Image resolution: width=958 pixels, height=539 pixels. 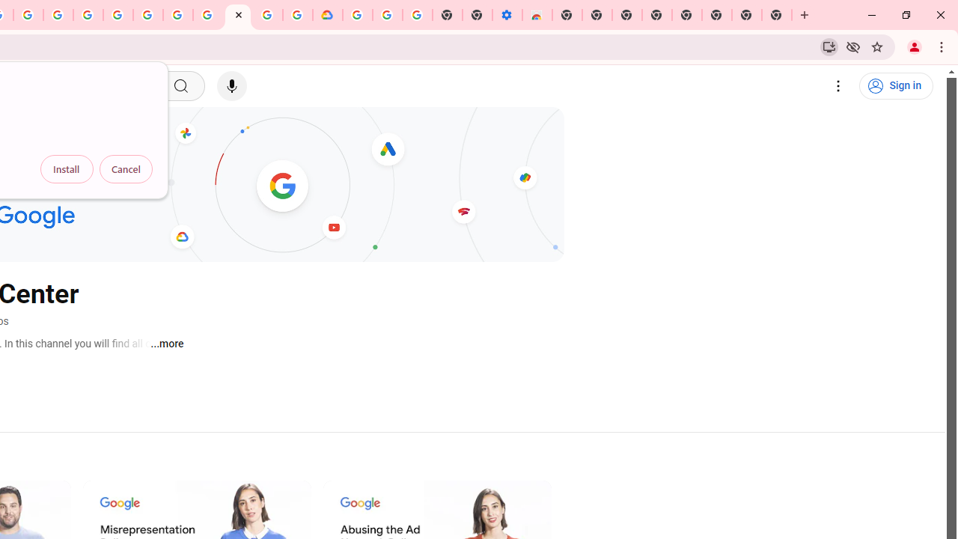 I want to click on 'Google Account Help', so click(x=178, y=15).